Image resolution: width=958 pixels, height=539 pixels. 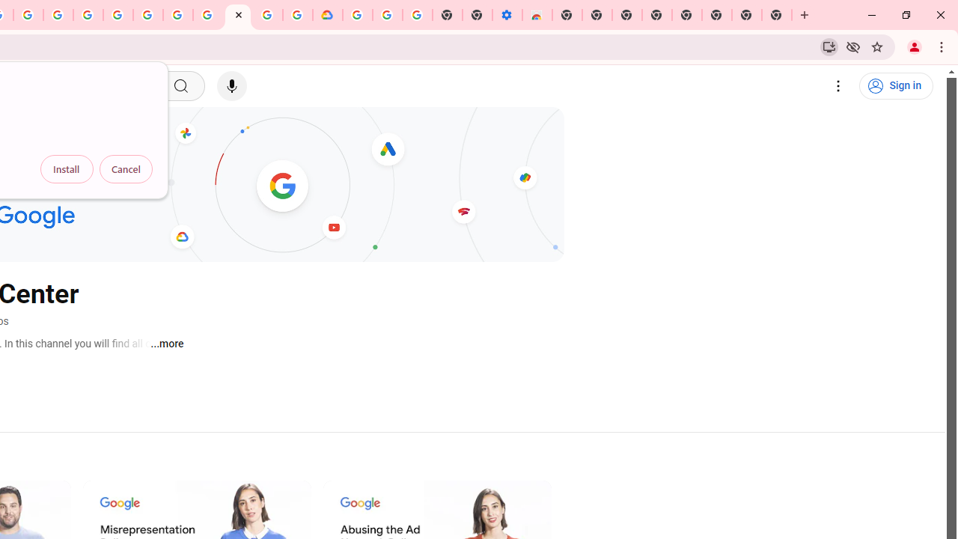 I want to click on 'Google Account Help', so click(x=178, y=15).